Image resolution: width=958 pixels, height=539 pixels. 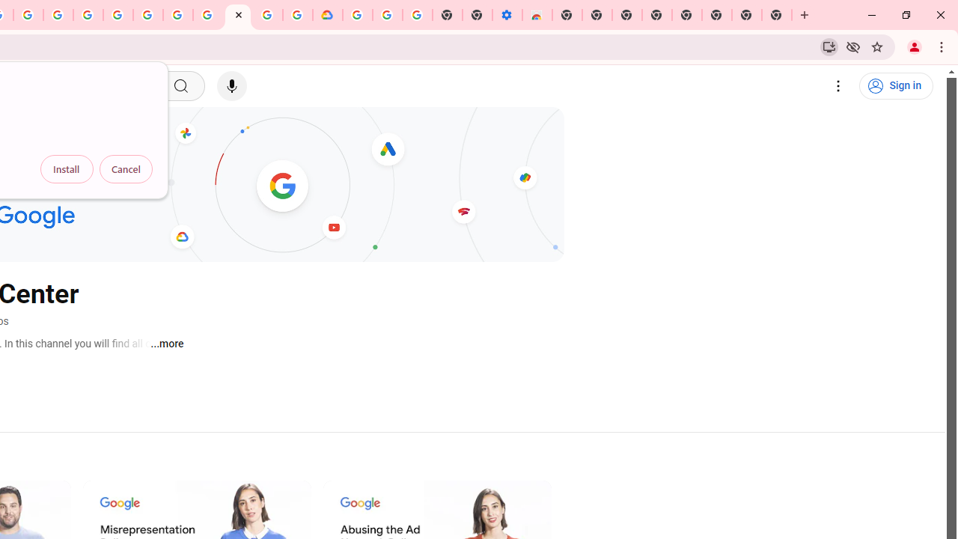 I want to click on 'Google Account Help', so click(x=178, y=15).